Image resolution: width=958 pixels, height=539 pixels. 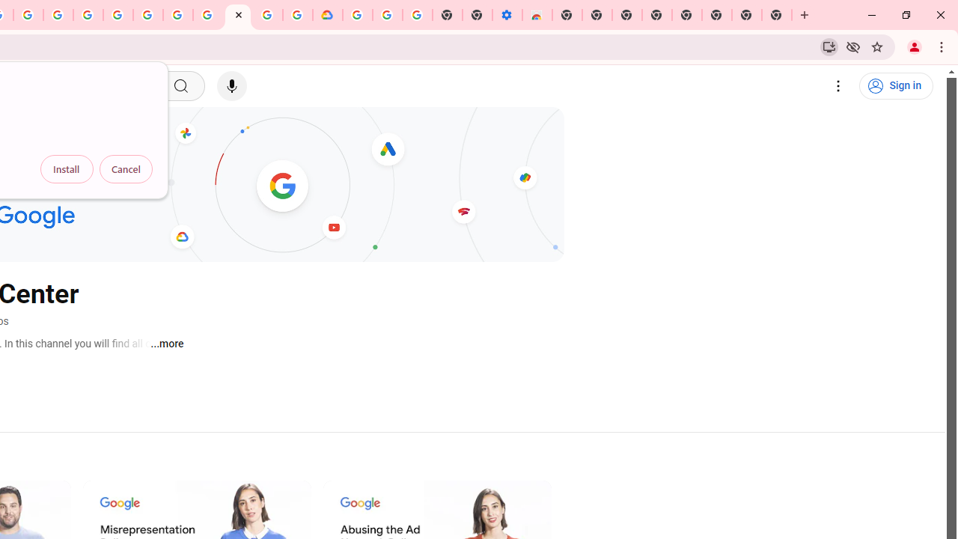 I want to click on 'Google Account Help', so click(x=178, y=15).